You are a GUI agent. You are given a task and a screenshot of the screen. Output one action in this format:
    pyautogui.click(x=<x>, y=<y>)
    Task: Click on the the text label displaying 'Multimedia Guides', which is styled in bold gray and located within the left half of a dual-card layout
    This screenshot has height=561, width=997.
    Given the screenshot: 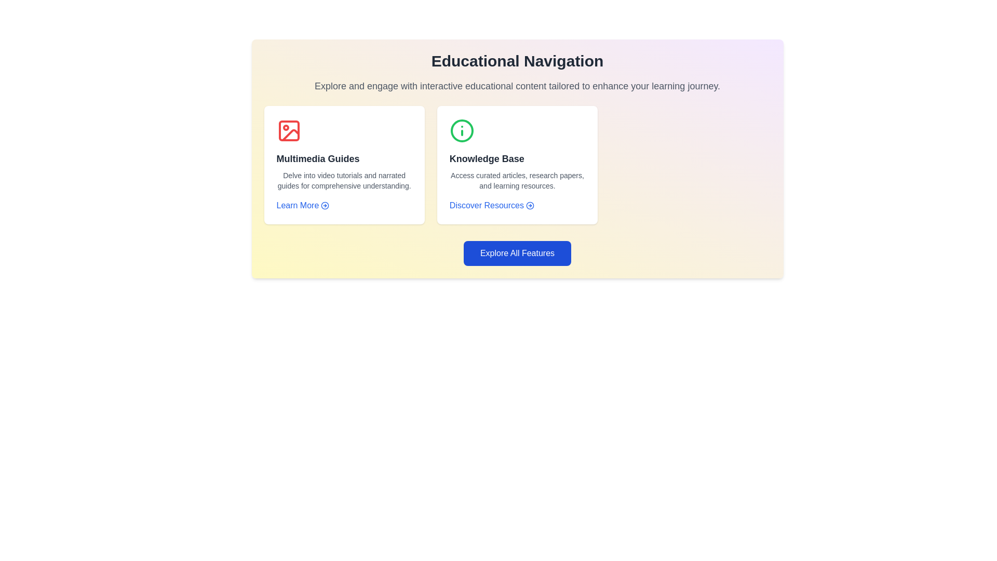 What is the action you would take?
    pyautogui.click(x=317, y=158)
    